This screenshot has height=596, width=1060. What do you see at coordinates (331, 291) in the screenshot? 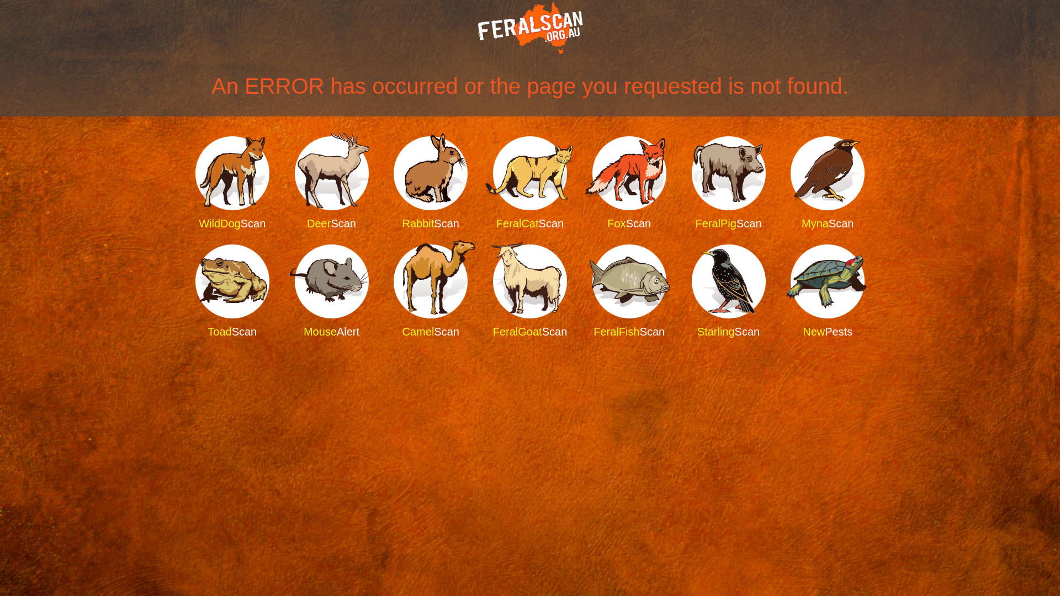
I see `'MouseAlert'` at bounding box center [331, 291].